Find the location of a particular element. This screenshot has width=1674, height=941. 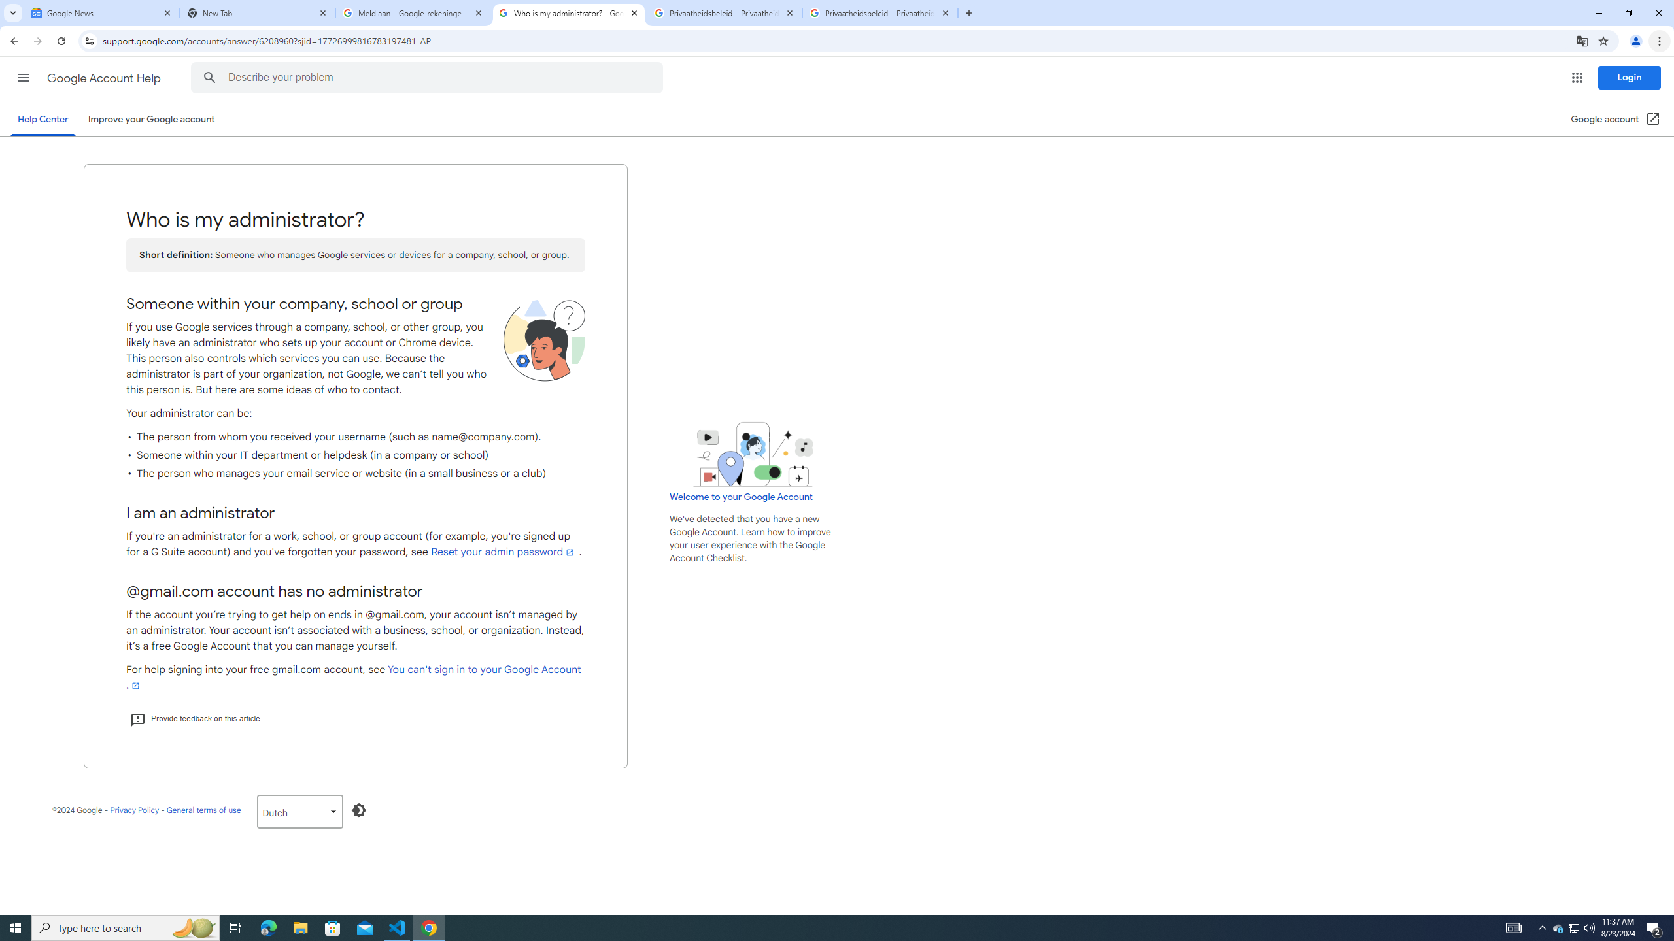

'Welcome to your Google Account' is located at coordinates (741, 496).